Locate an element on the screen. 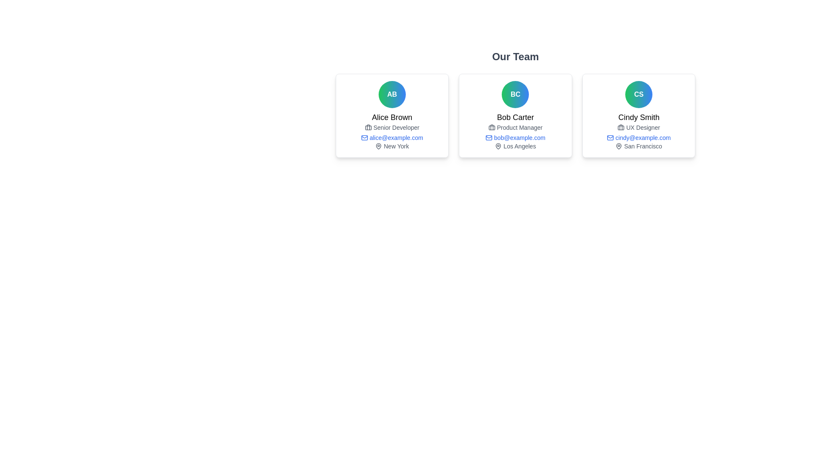  email address 'cindy@example.com' displayed in blue color under the name 'Cindy Smith' in the third profile card from the left is located at coordinates (639, 137).